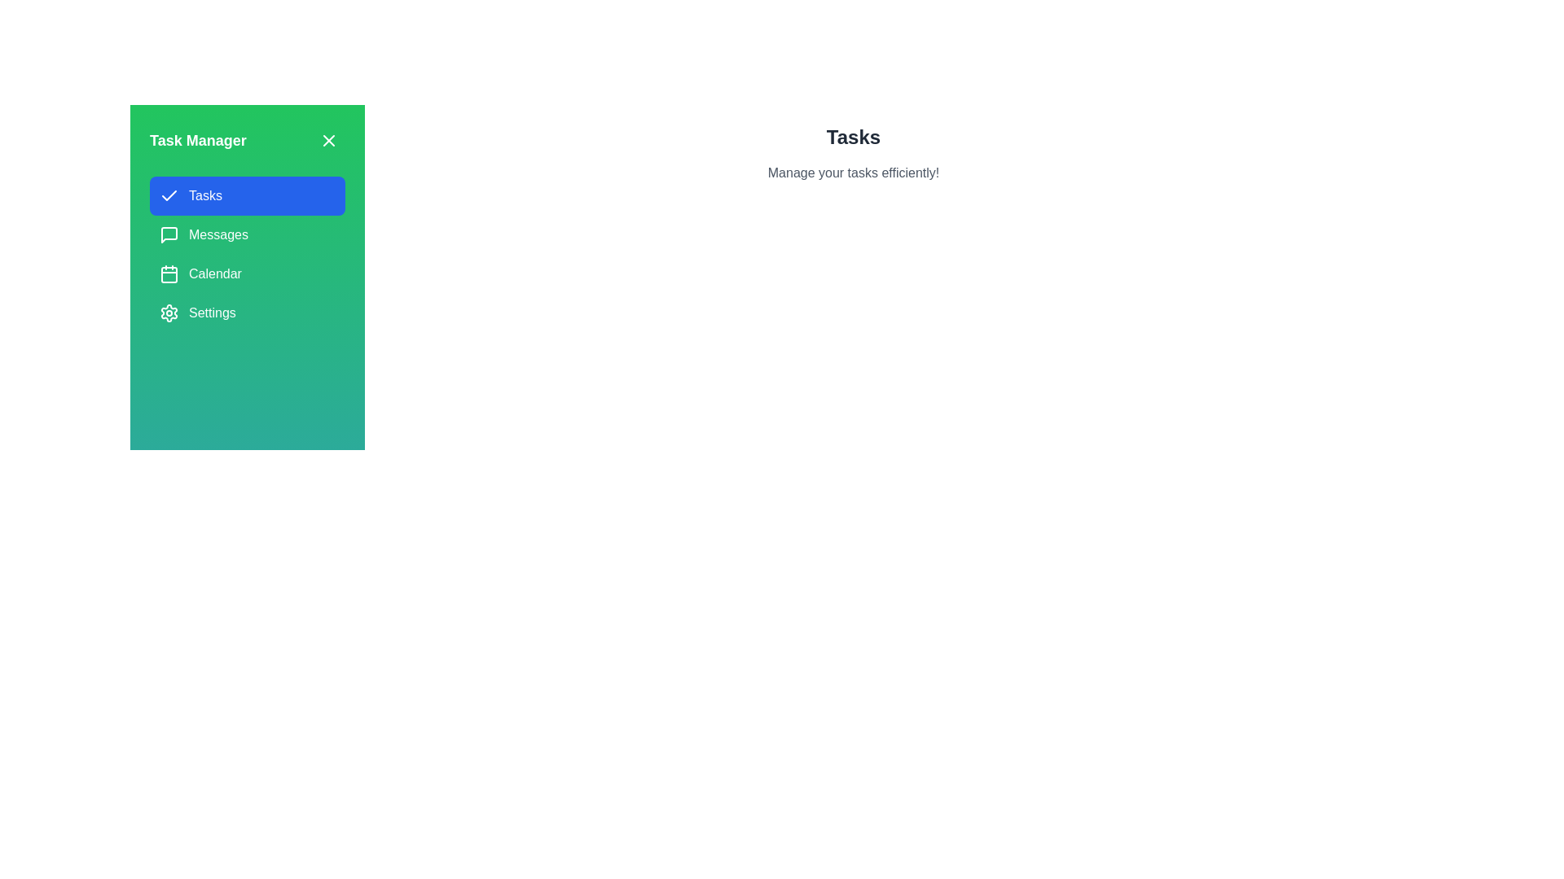  Describe the element at coordinates (246, 273) in the screenshot. I see `the tab named Calendar in the TaskManagerDrawer` at that location.